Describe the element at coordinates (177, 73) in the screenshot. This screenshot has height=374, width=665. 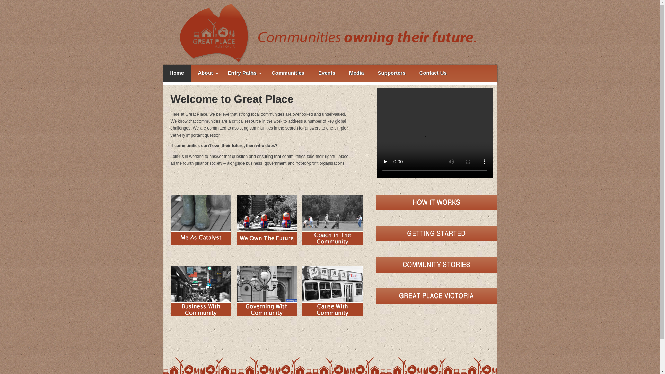
I see `'Home'` at that location.